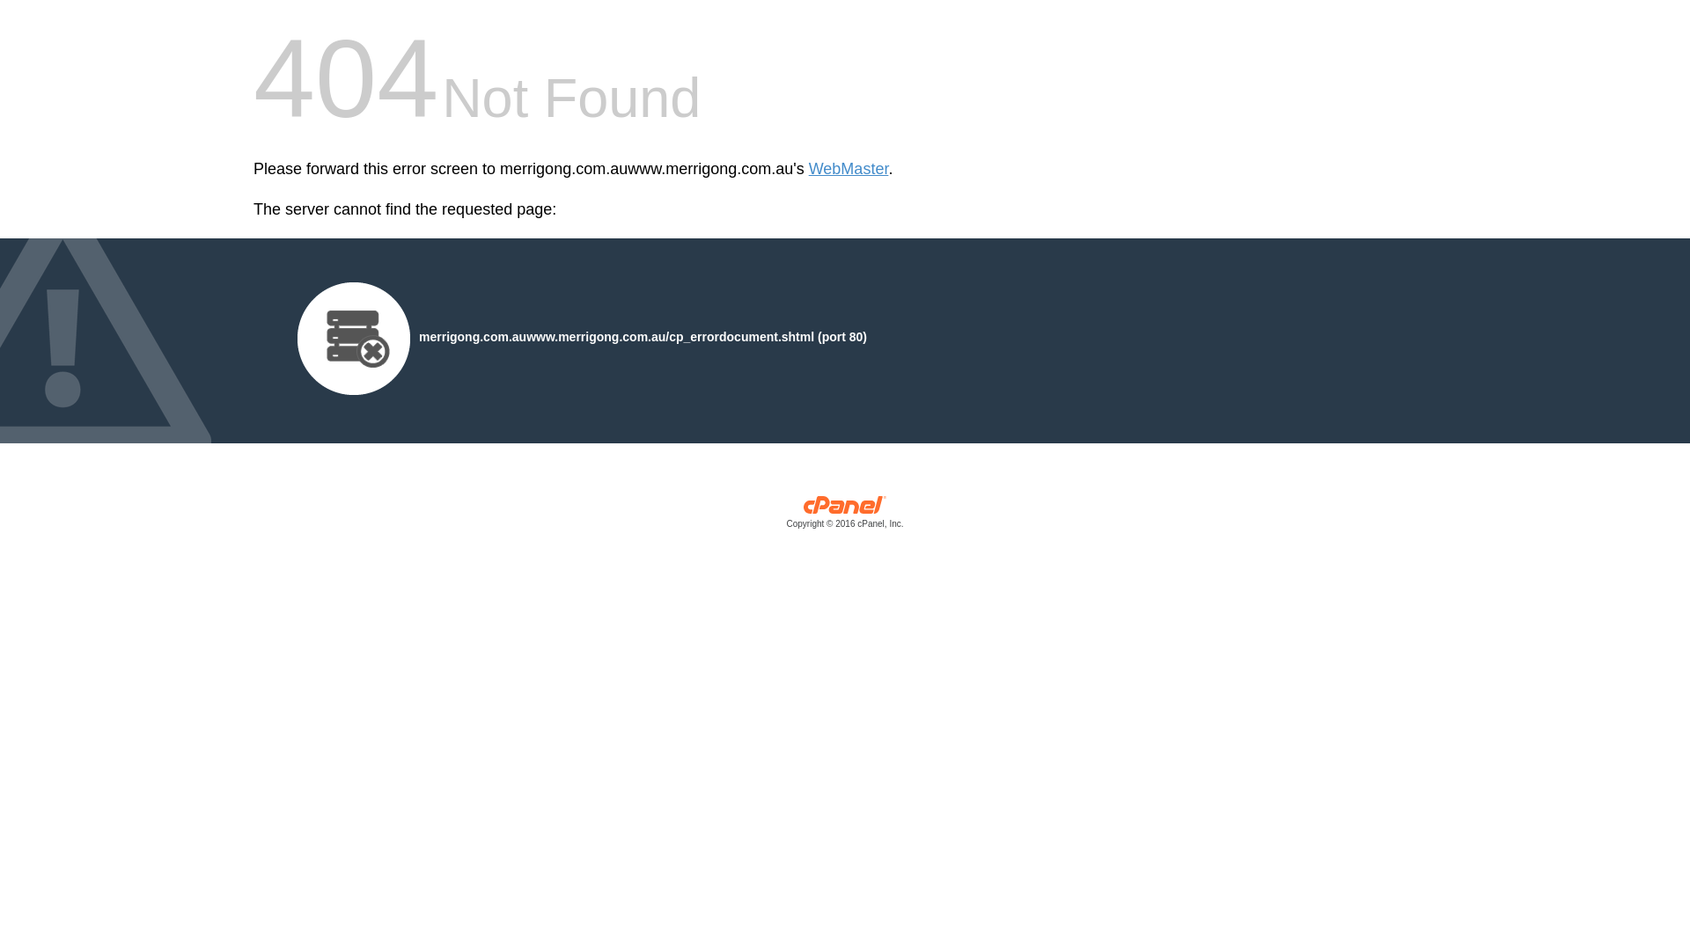 Image resolution: width=1690 pixels, height=950 pixels. I want to click on 'WebMaster', so click(849, 169).